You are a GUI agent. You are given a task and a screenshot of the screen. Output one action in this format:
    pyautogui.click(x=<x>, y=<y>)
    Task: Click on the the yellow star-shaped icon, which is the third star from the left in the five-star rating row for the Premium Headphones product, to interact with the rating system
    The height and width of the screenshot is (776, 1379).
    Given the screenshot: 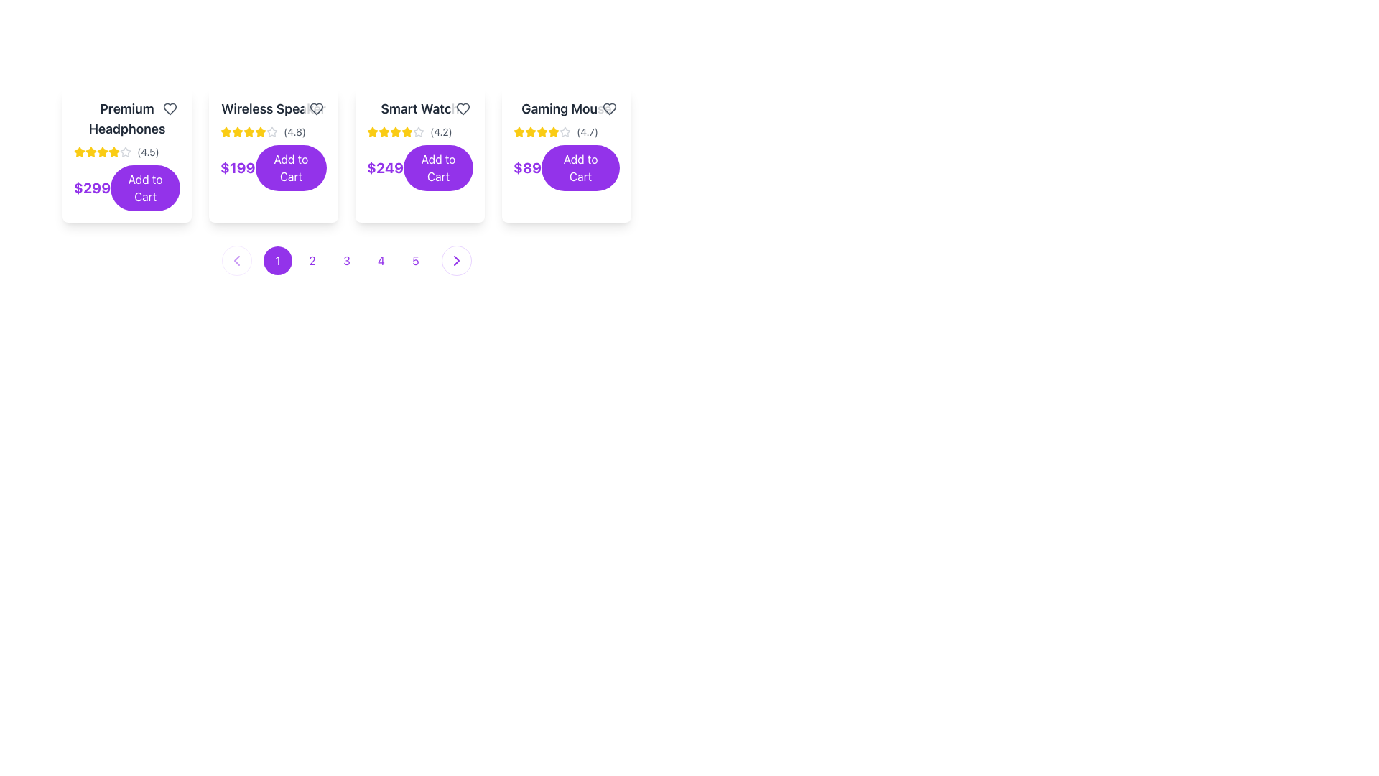 What is the action you would take?
    pyautogui.click(x=113, y=152)
    